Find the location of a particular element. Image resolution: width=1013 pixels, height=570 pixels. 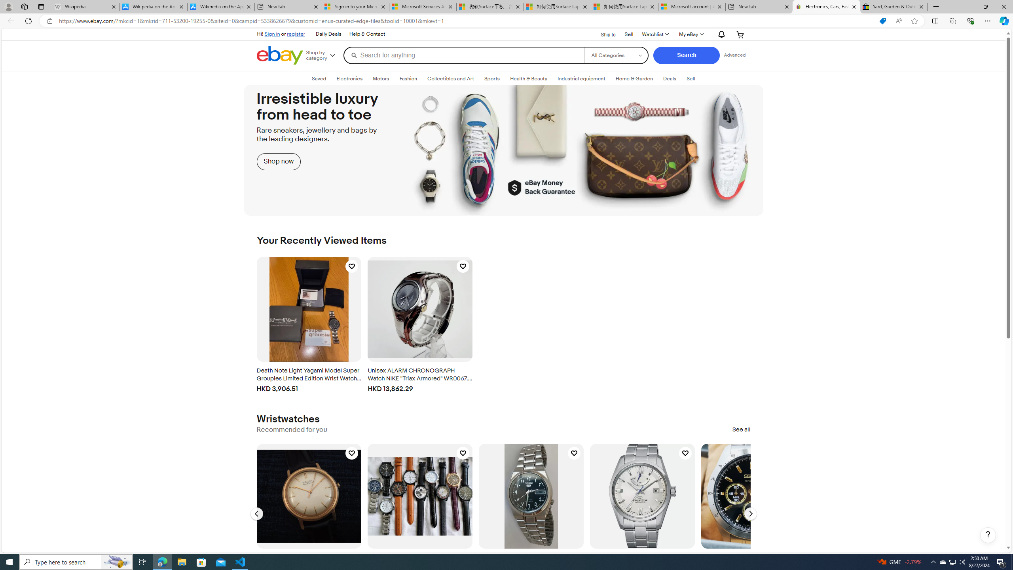

'Fashion' is located at coordinates (408, 79).